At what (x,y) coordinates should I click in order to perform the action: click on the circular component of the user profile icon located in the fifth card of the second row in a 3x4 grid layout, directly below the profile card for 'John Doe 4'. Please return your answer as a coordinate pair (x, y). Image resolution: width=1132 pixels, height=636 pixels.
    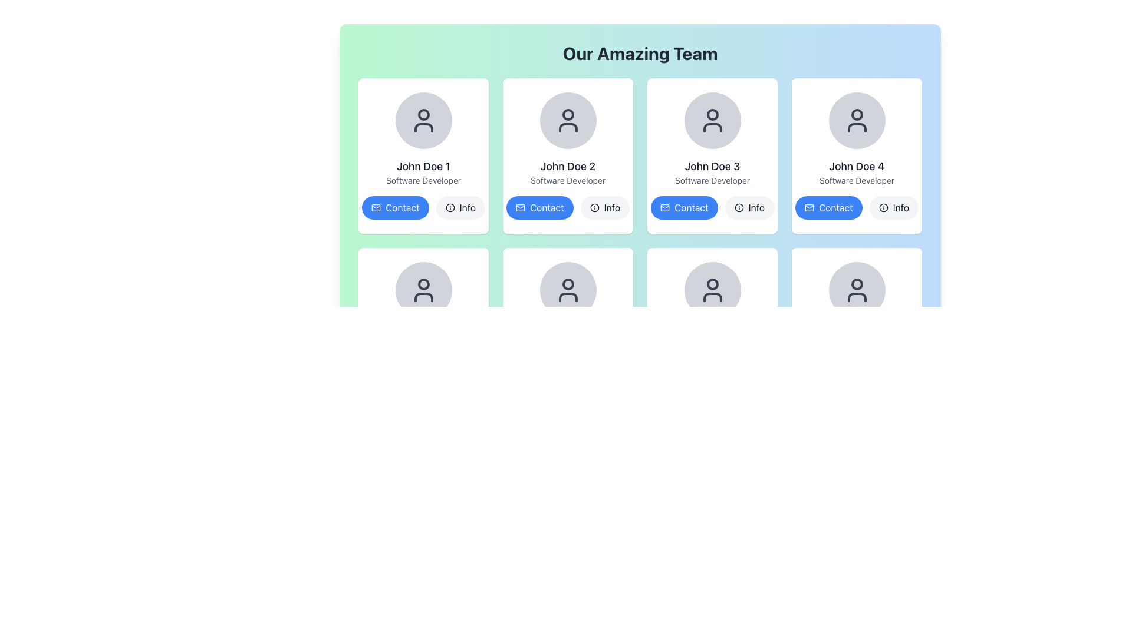
    Looking at the image, I should click on (857, 284).